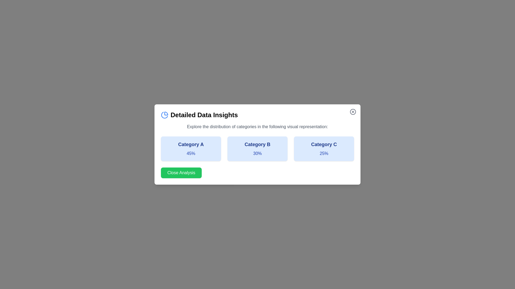  Describe the element at coordinates (191, 149) in the screenshot. I see `information displayed within the first informational card that shows the category name and its percentage value, positioned on the leftmost side of the grid in the modal window` at that location.